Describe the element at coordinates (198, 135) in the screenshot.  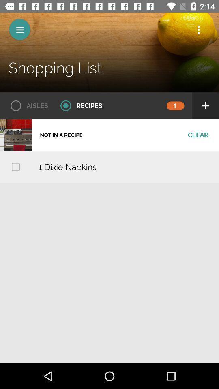
I see `the icon to the right of not in a` at that location.